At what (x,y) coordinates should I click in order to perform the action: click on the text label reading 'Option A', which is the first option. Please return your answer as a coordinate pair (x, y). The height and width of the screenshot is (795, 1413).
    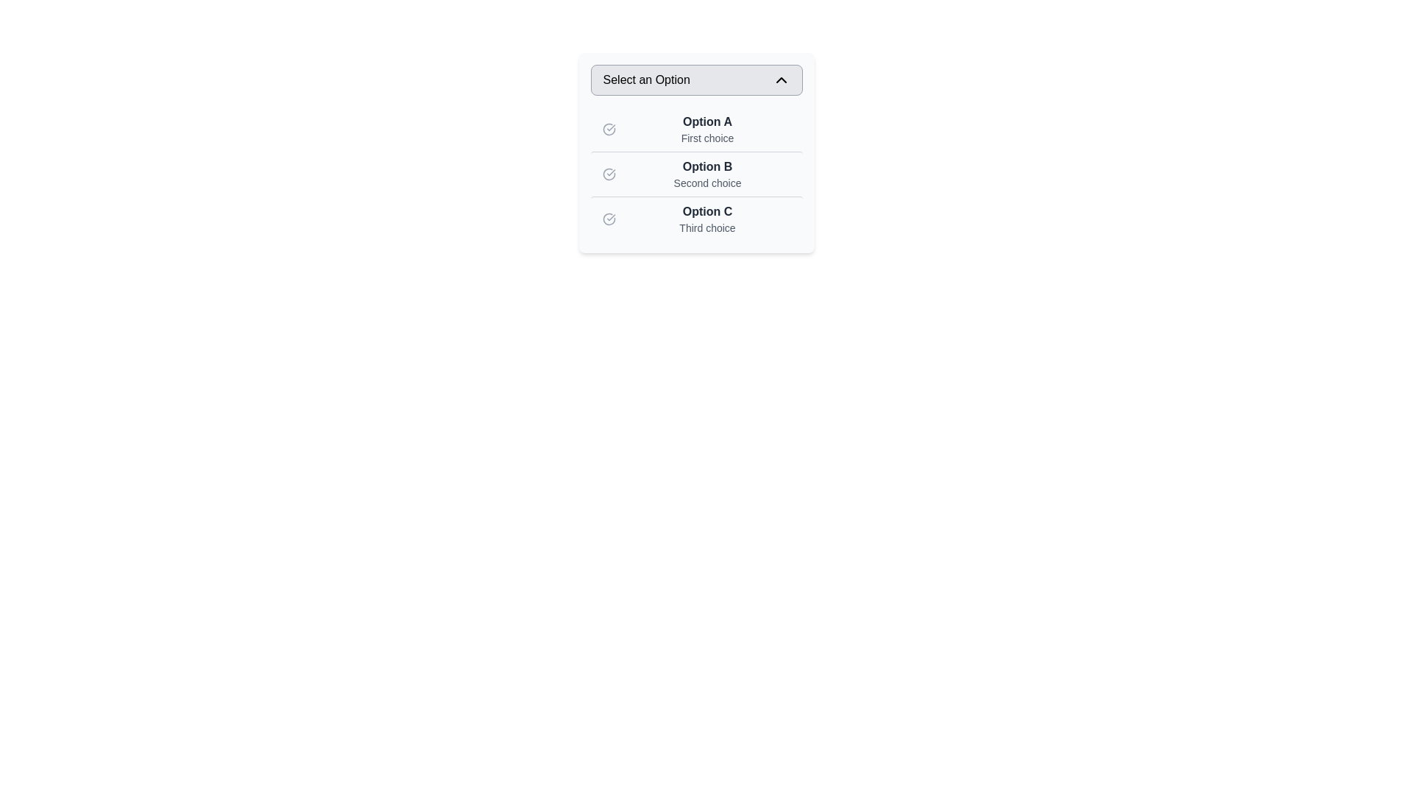
    Looking at the image, I should click on (707, 121).